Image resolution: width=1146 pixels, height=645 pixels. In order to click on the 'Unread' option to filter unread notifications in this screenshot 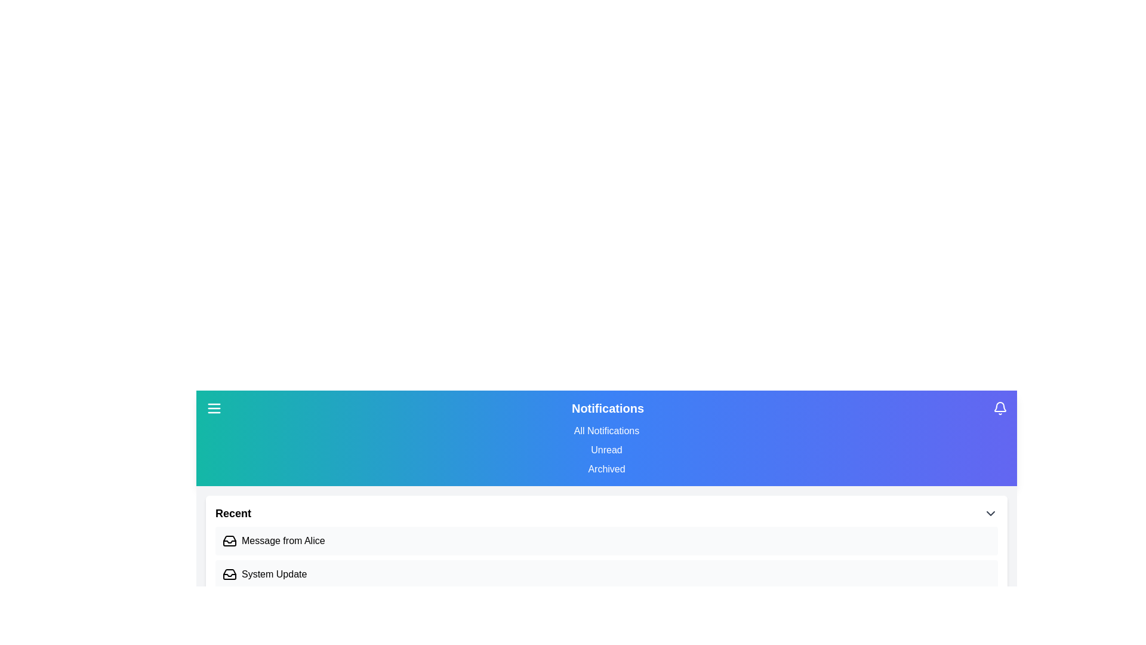, I will do `click(606, 450)`.